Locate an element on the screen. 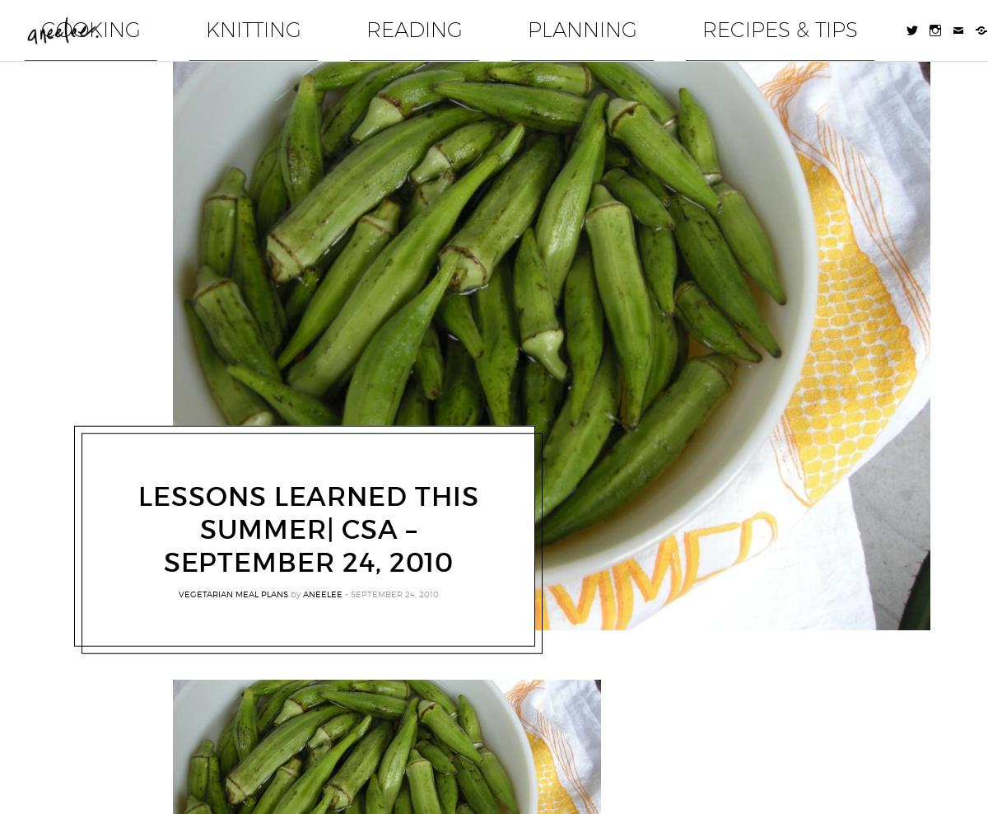  'September 24, 2010' is located at coordinates (394, 582).